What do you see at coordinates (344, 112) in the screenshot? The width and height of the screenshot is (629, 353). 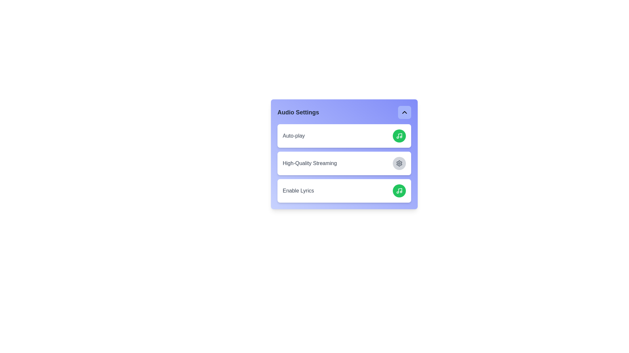 I see `the header of the MusicSettingsPanel component` at bounding box center [344, 112].